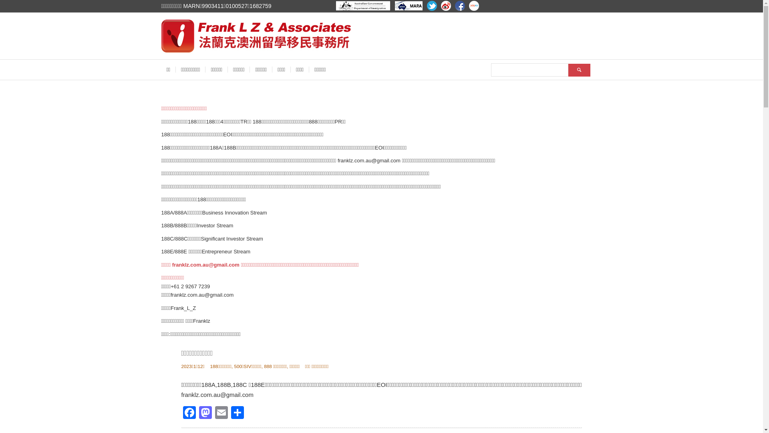 This screenshot has width=769, height=433. Describe the element at coordinates (205, 413) in the screenshot. I see `'Mastodon'` at that location.